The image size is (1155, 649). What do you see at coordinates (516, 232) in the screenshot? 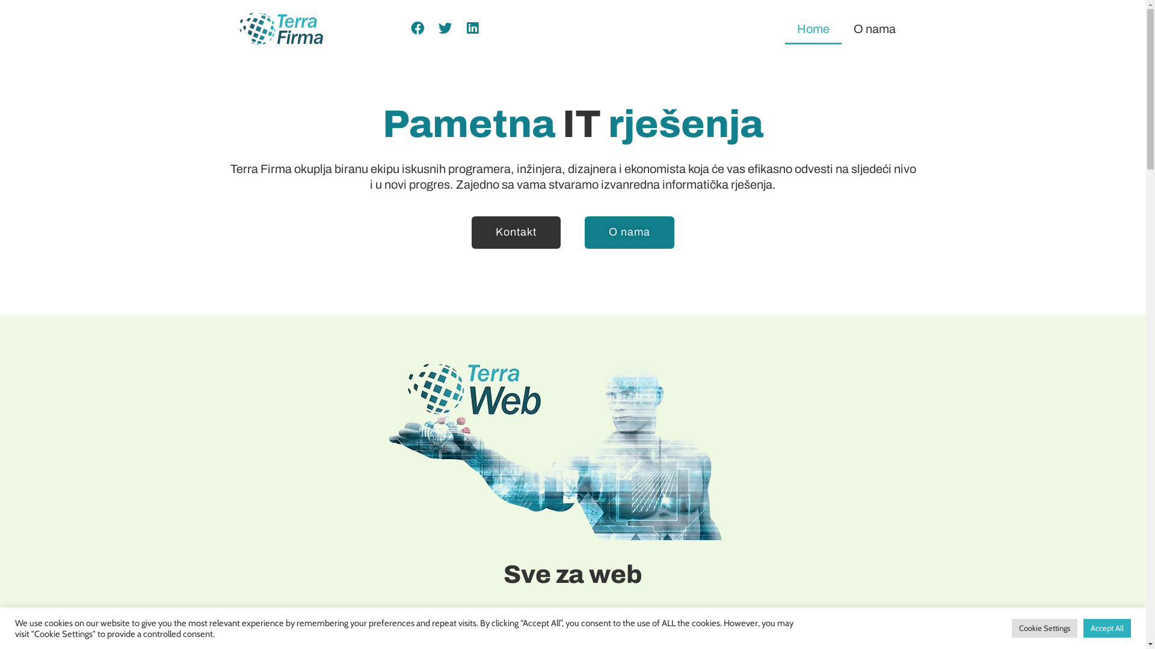
I see `'Kontakt'` at bounding box center [516, 232].